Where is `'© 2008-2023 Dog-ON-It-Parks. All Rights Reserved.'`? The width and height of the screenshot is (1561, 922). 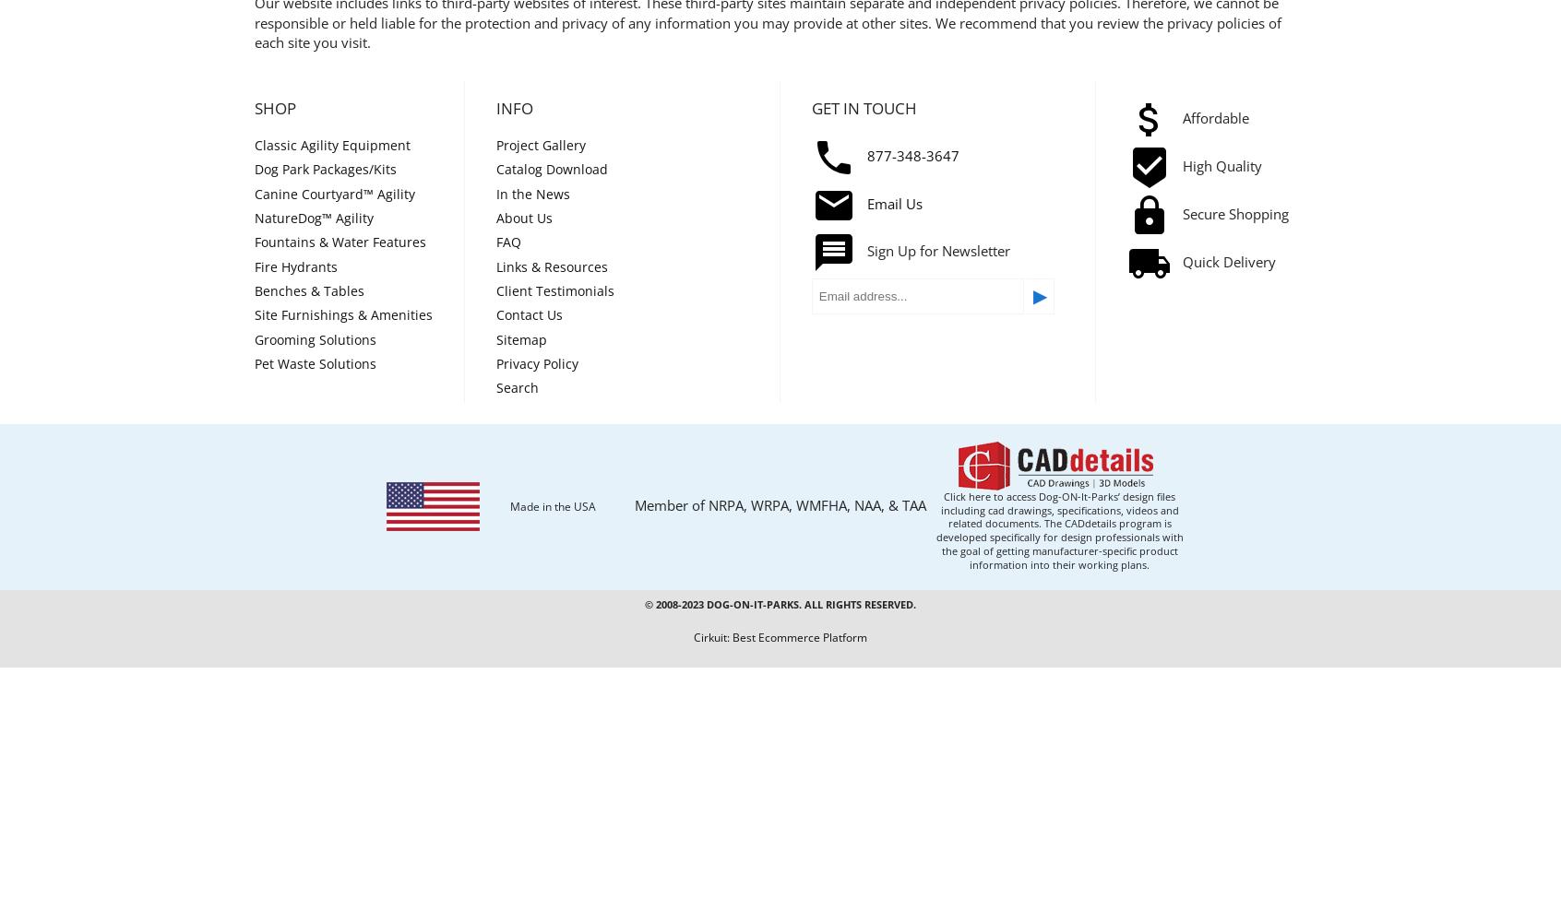 '© 2008-2023 Dog-ON-It-Parks. All Rights Reserved.' is located at coordinates (780, 604).